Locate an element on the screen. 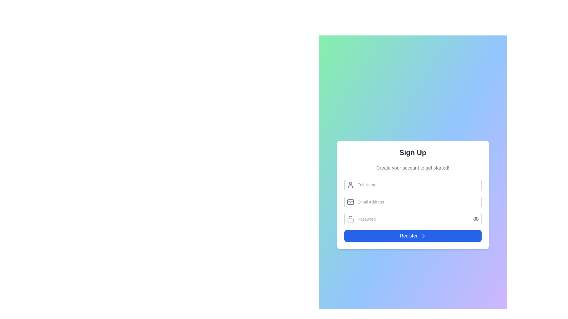 This screenshot has width=568, height=319. the gray envelope icon is located at coordinates (350, 201).